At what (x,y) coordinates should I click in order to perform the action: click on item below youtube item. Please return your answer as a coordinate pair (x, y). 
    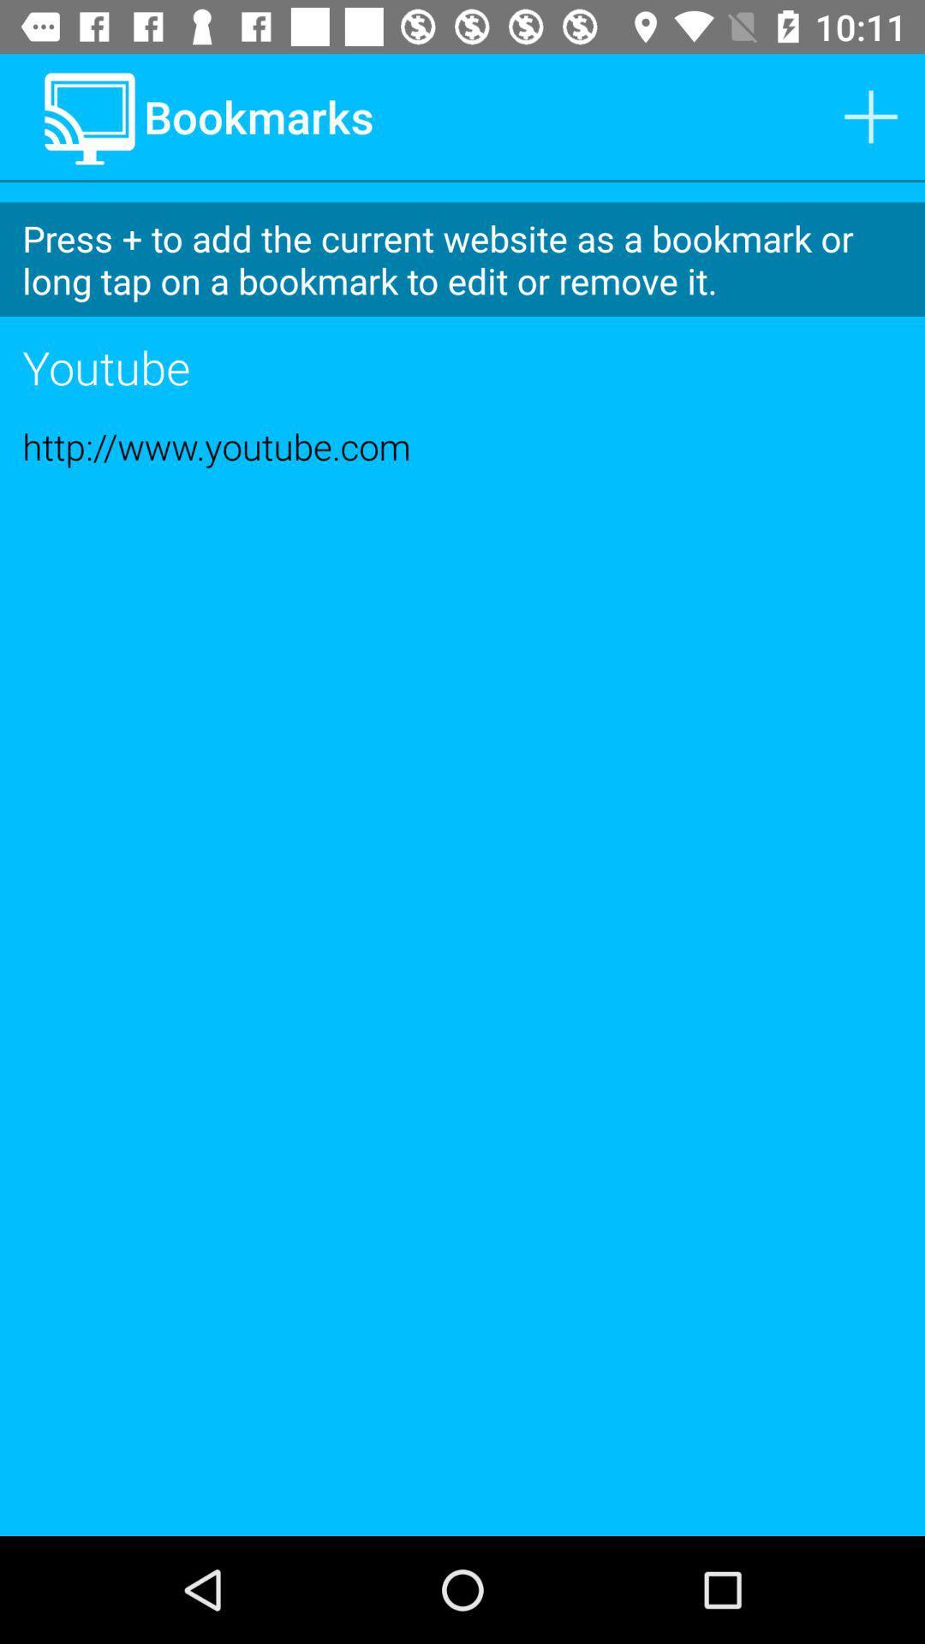
    Looking at the image, I should click on (462, 446).